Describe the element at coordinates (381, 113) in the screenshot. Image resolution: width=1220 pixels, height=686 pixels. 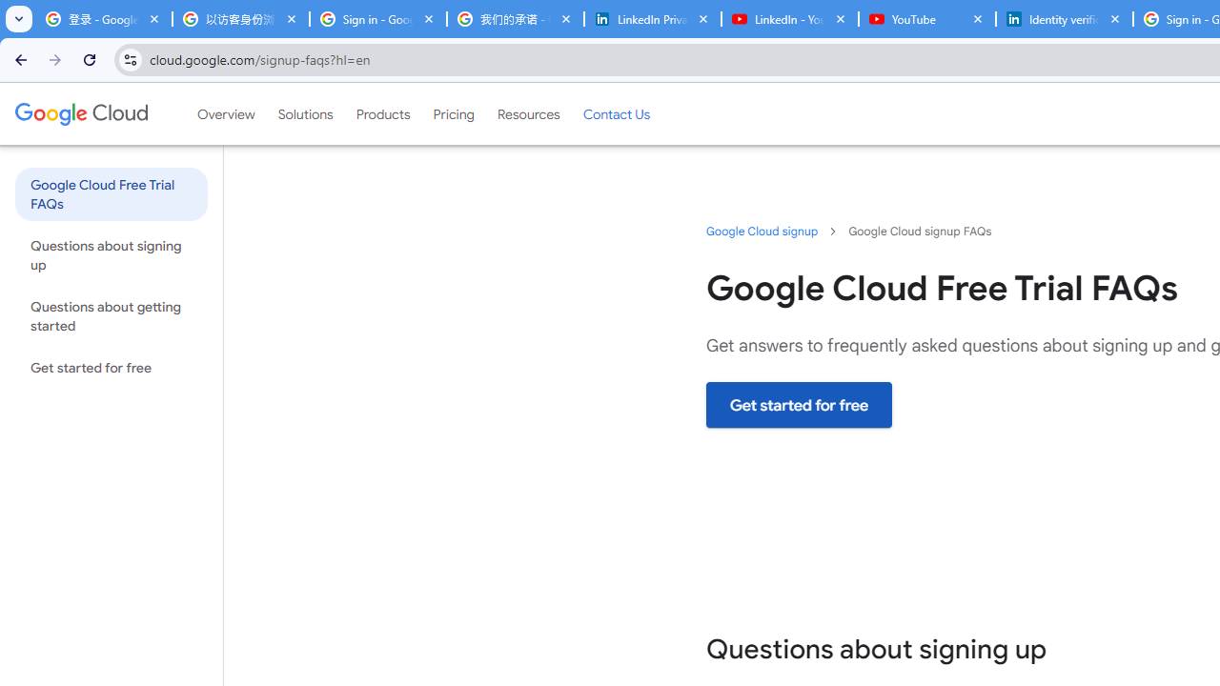
I see `'Products'` at that location.